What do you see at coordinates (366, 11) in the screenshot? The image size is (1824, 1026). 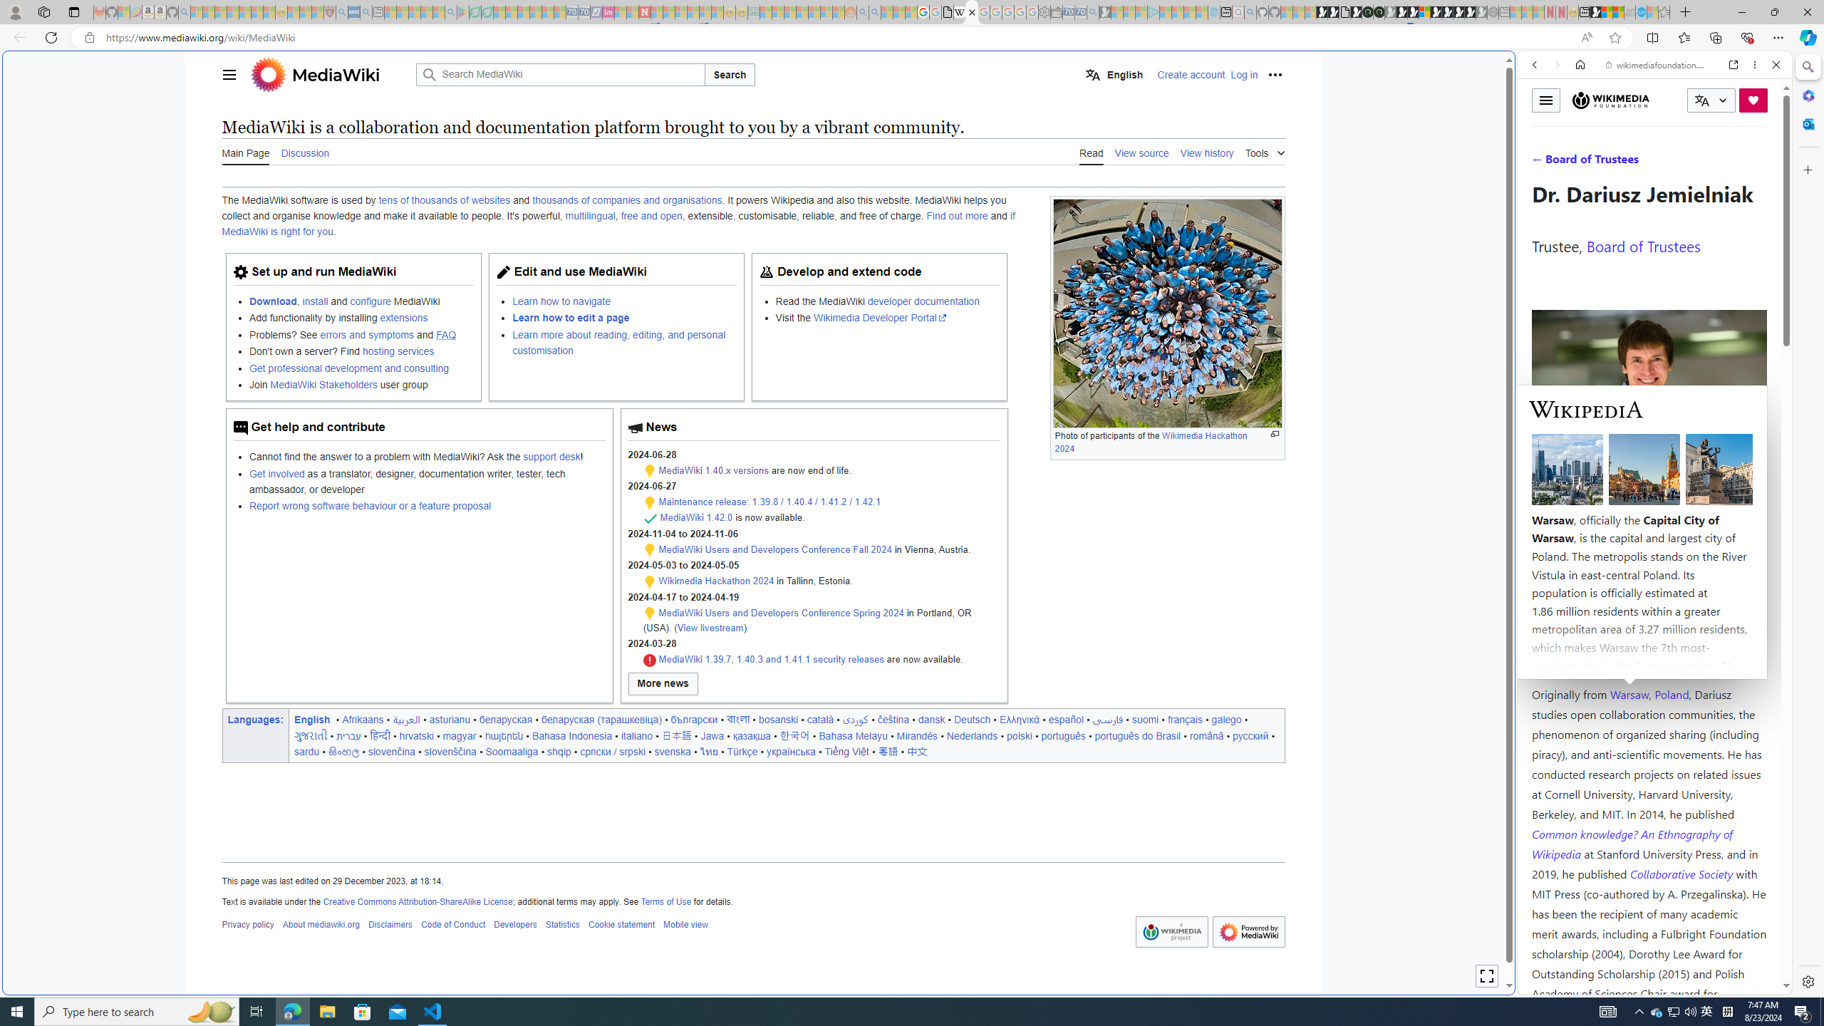 I see `'utah sues federal government - Search - Sleeping'` at bounding box center [366, 11].